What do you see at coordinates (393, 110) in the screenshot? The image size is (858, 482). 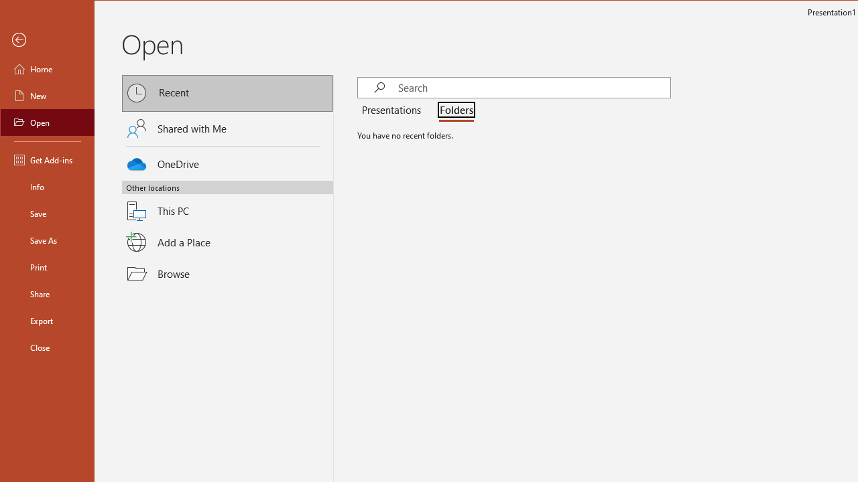 I see `'Presentations'` at bounding box center [393, 110].